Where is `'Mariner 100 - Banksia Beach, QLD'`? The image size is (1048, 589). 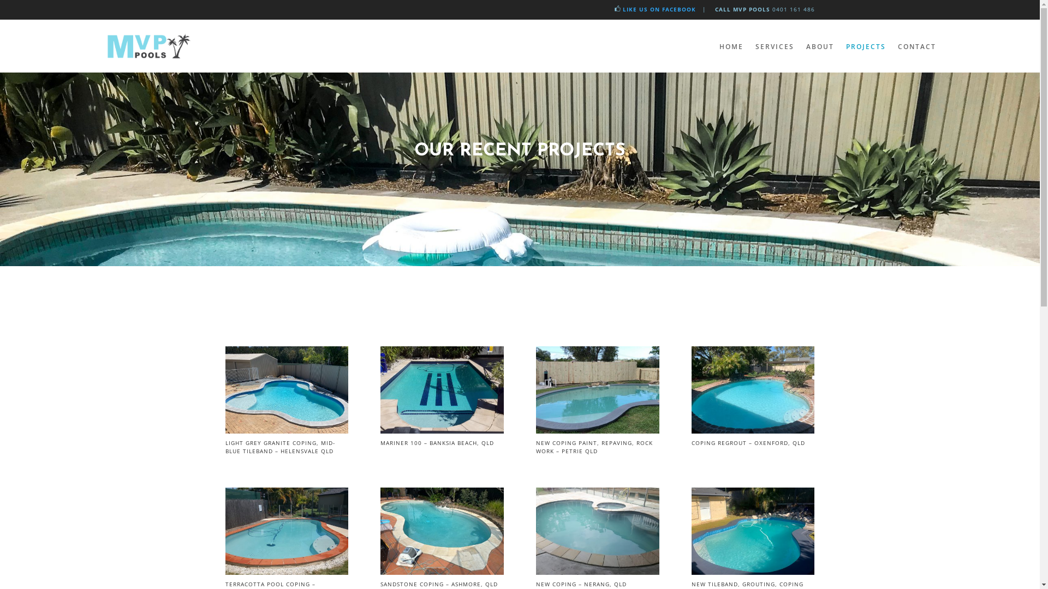
'Mariner 100 - Banksia Beach, QLD' is located at coordinates (442, 430).